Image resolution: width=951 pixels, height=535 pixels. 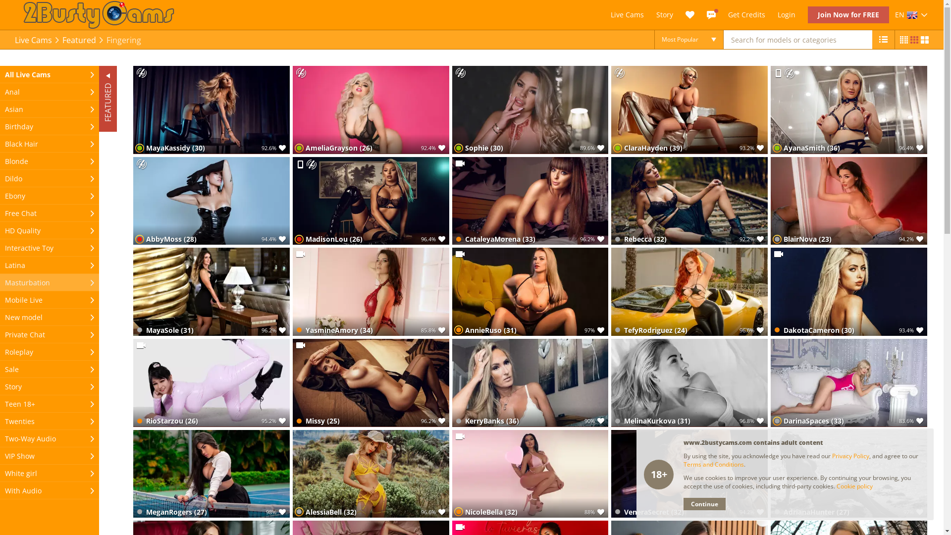 What do you see at coordinates (49, 473) in the screenshot?
I see `'White girl'` at bounding box center [49, 473].